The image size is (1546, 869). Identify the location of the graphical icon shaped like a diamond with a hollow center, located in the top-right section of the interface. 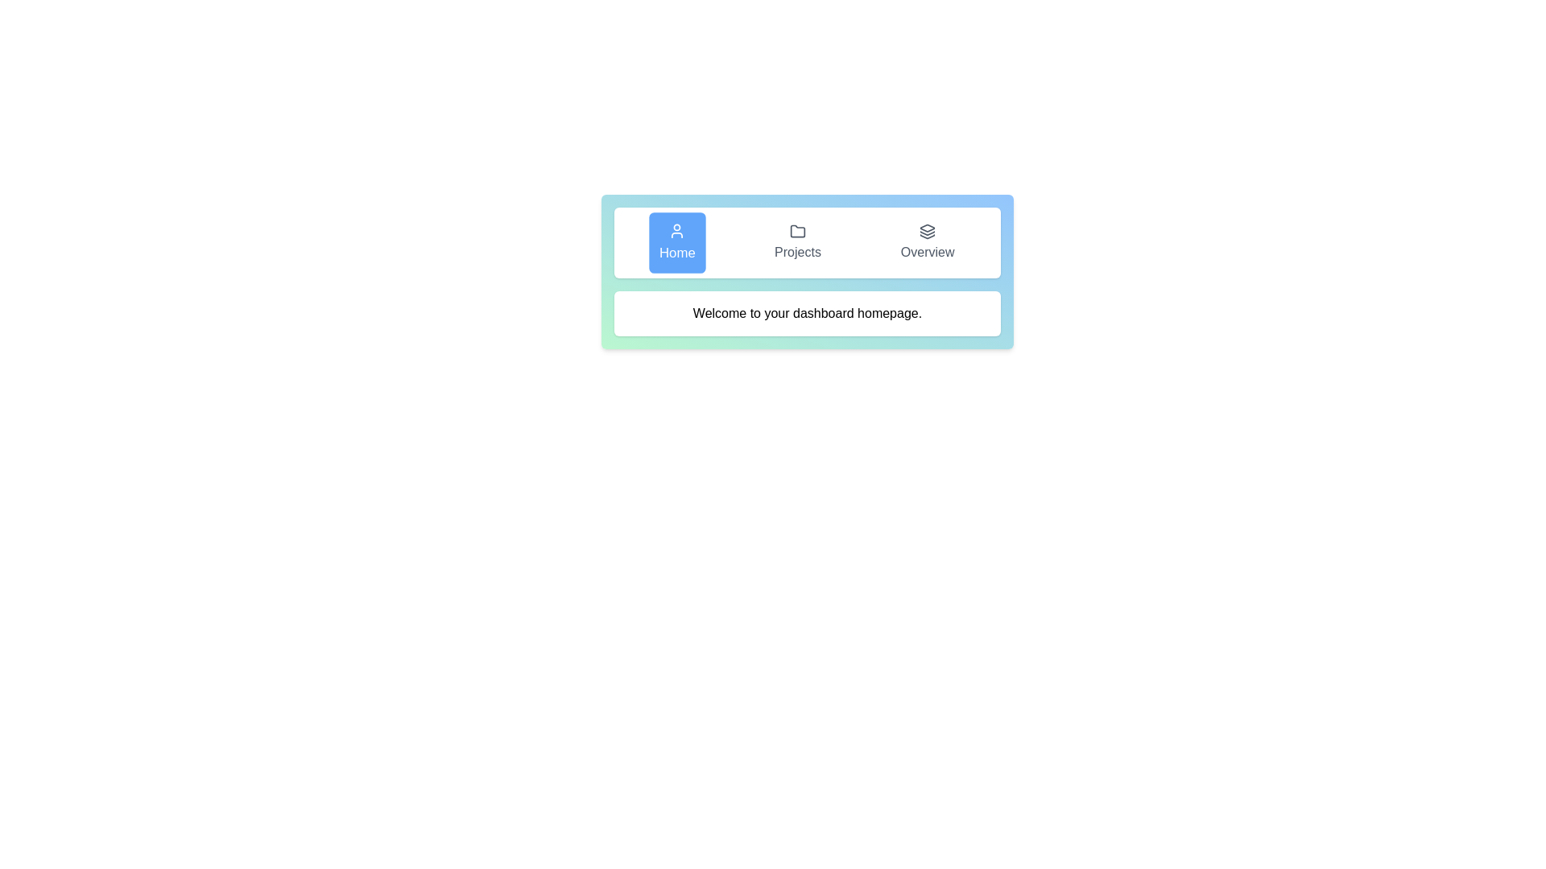
(928, 228).